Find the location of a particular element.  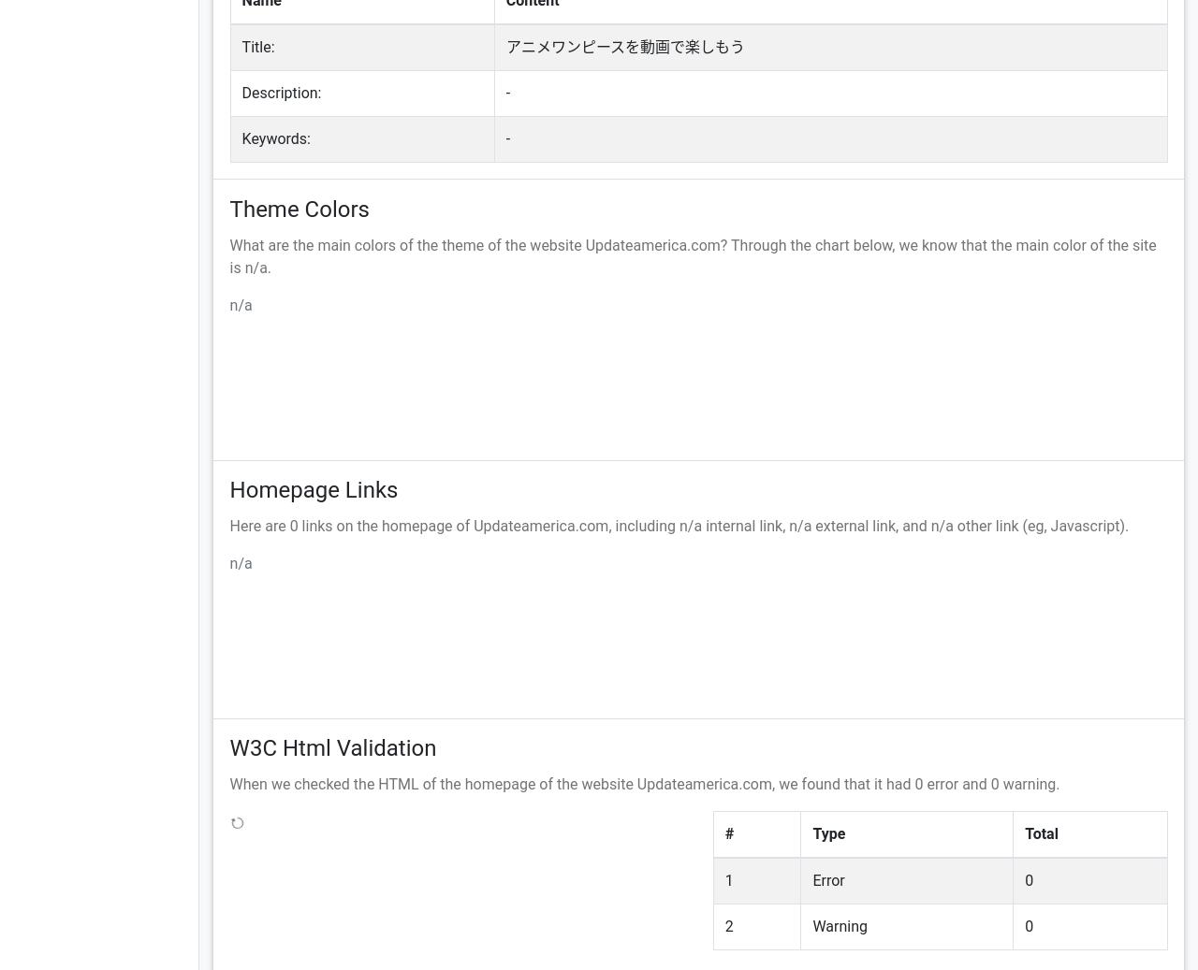

'W3C Html Validation' is located at coordinates (332, 748).